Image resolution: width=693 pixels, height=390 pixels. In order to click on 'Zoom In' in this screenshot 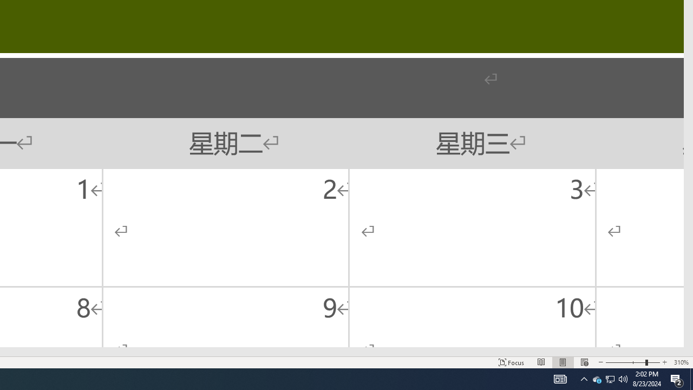, I will do `click(664, 362)`.